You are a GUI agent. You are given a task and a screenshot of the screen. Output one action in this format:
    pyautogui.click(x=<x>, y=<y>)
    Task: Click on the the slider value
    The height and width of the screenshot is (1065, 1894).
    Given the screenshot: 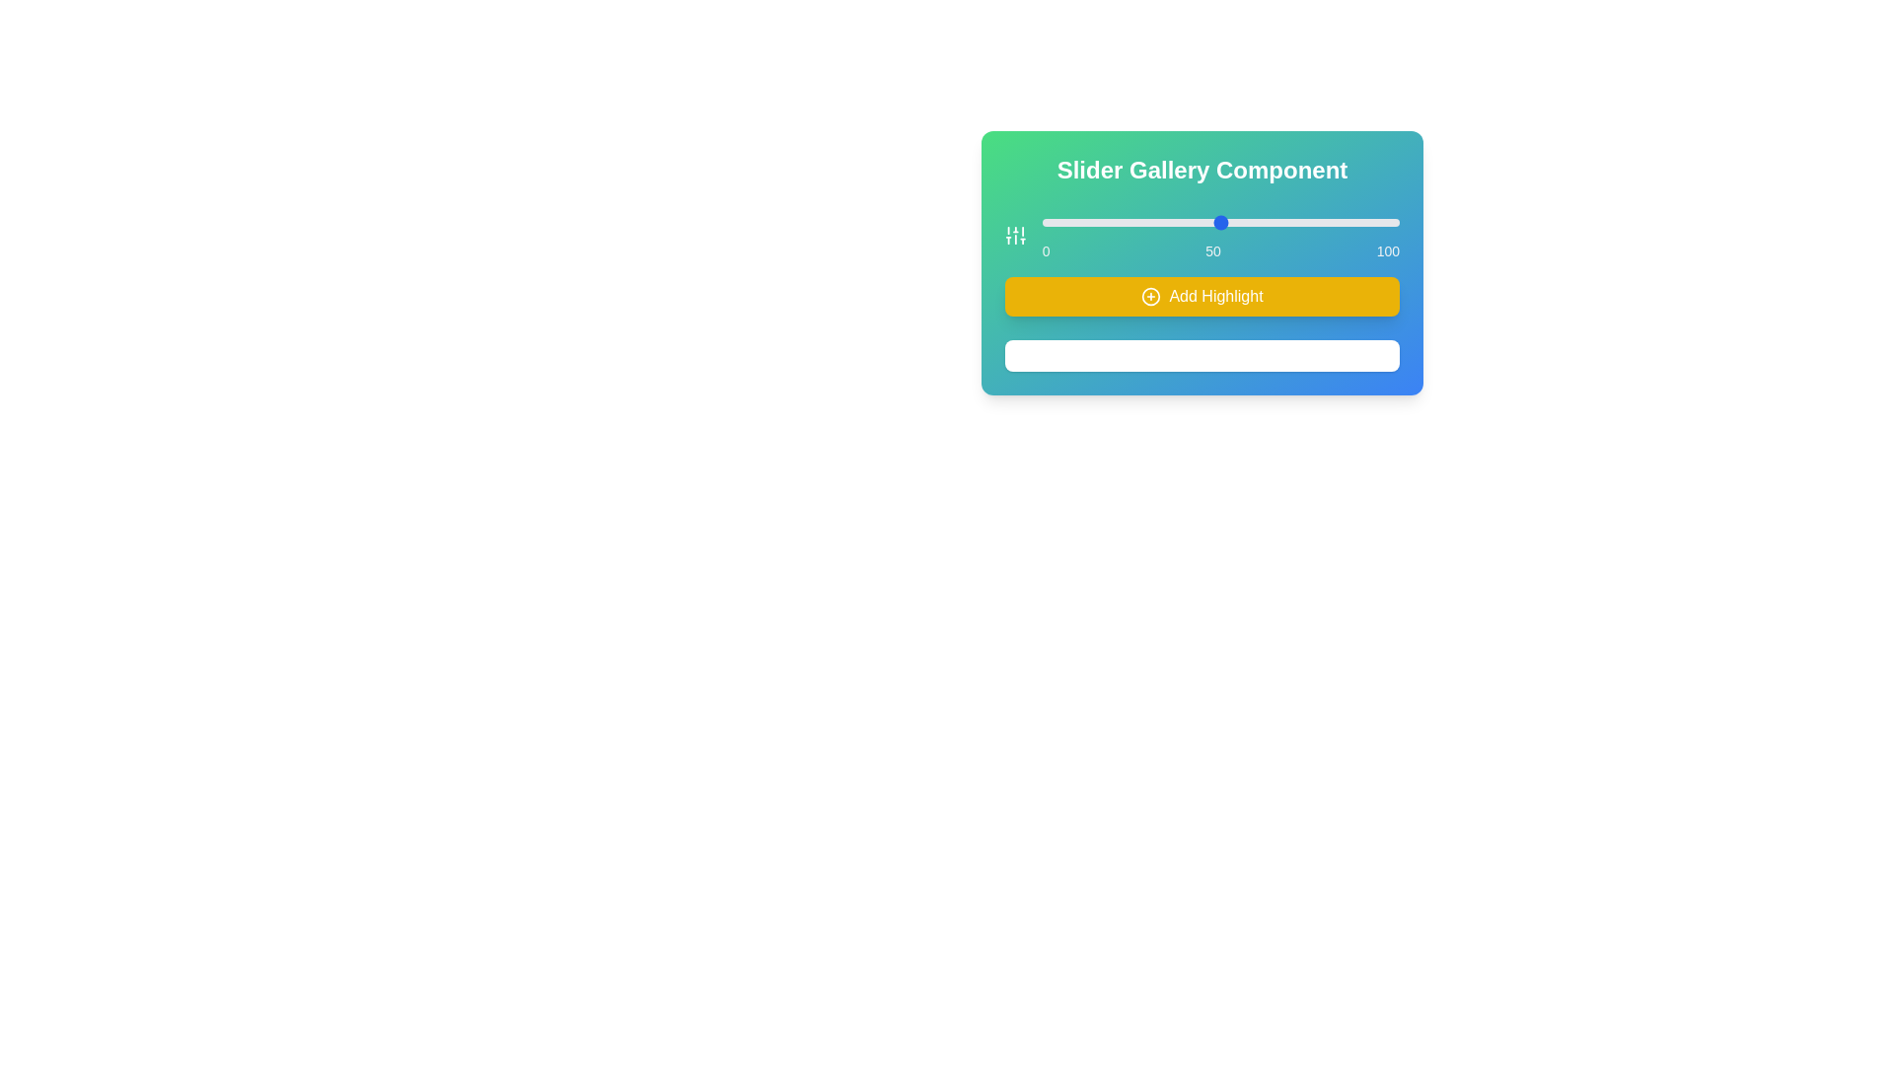 What is the action you would take?
    pyautogui.click(x=1252, y=222)
    